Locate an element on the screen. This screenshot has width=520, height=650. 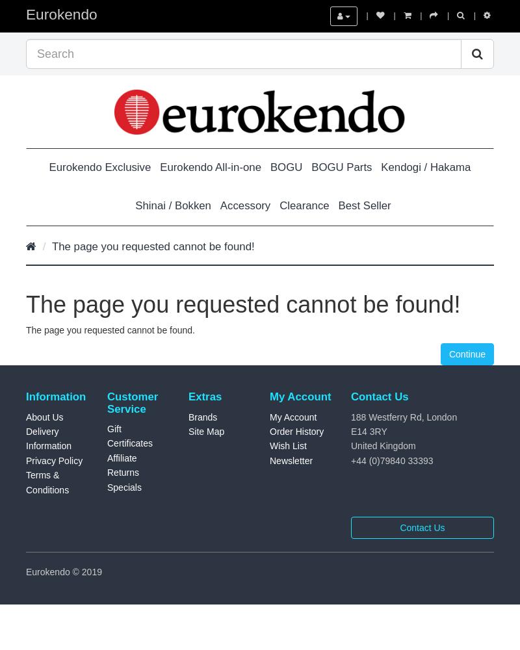
'Customer Service' is located at coordinates (133, 402).